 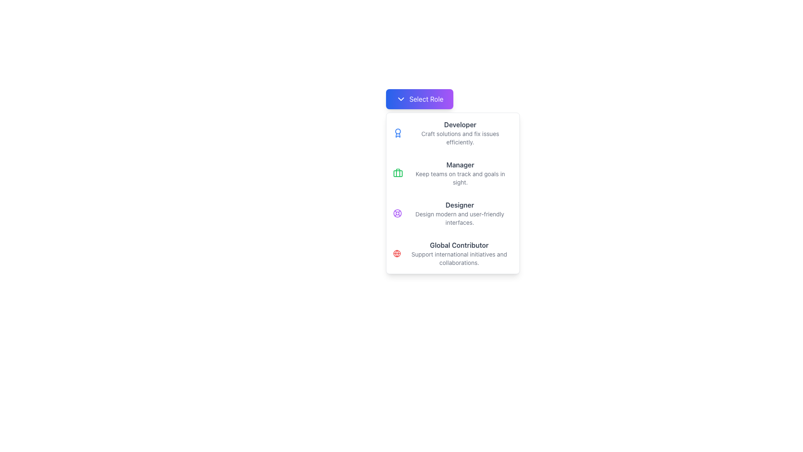 What do you see at coordinates (397, 213) in the screenshot?
I see `the circular life buoy icon with a purple outline located to the left of the 'Designer' text in the role selection dropdown menu` at bounding box center [397, 213].